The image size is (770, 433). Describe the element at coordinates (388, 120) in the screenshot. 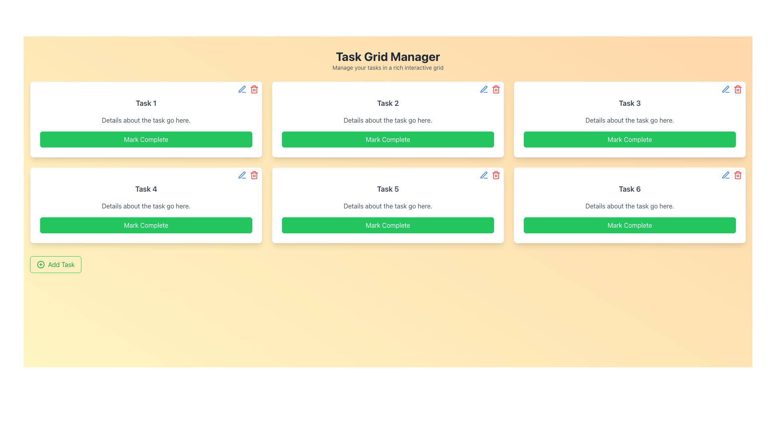

I see `the informative text element located in the middle section of the 'Task 2' card, positioned between the title 'Task 2' above and the 'Mark Complete' button below` at that location.